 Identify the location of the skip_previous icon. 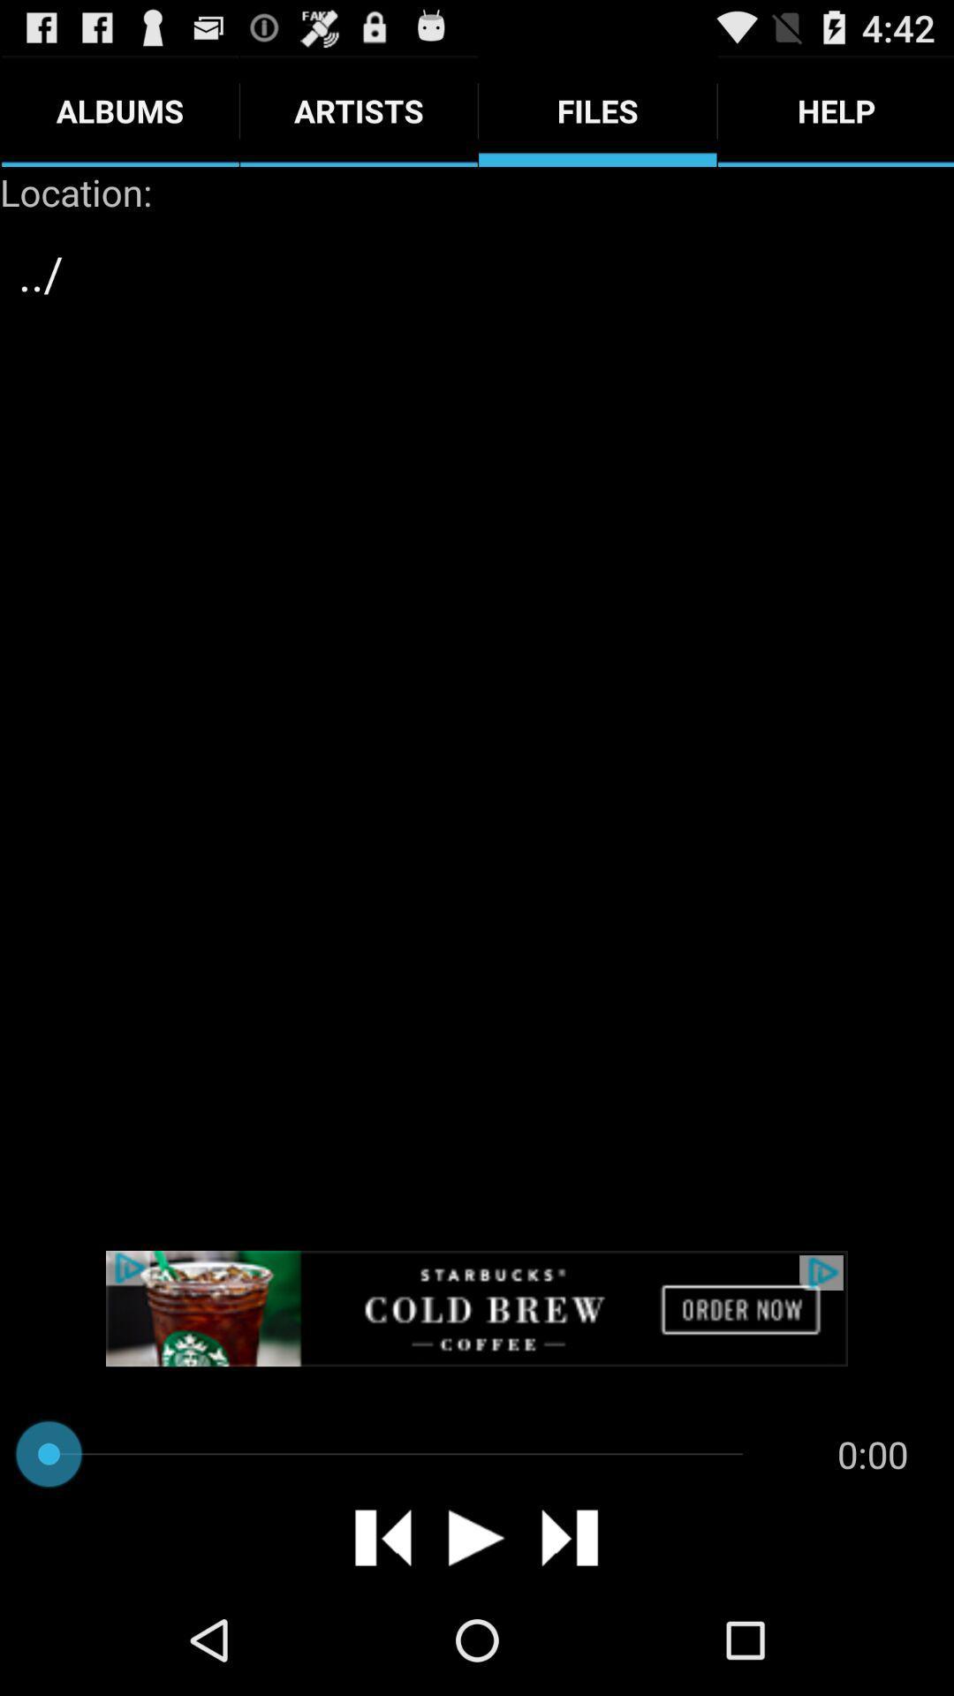
(382, 1645).